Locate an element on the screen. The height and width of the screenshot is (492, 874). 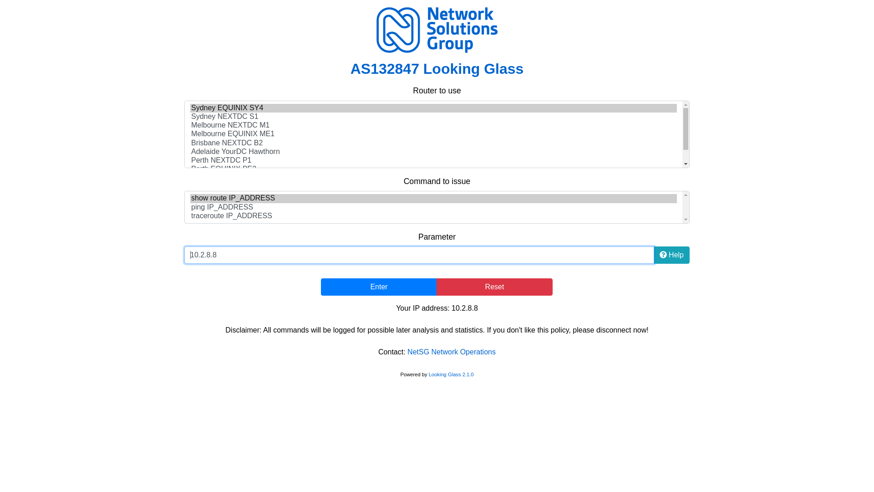
'Looking Glass 2.1.0' is located at coordinates (428, 374).